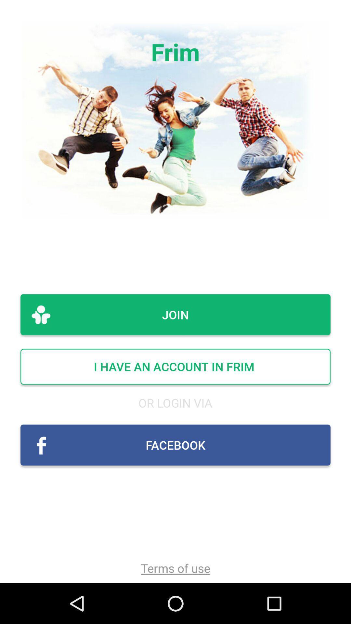 The image size is (351, 624). Describe the element at coordinates (175, 445) in the screenshot. I see `the facebook icon` at that location.